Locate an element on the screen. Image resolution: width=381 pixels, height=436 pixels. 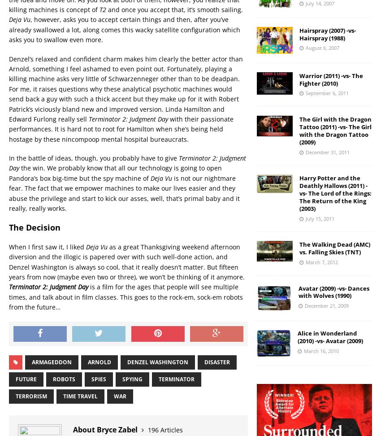
'Denzel’s relaxed and confident charm makes him clearly the better actor than Arnold, something I feel ashamed to even point out. Fortunately, playing a killing machine asks very little of Schwarzenneger other than to be deadpan. For me, it raises questions why these analytical psychotic machines would send back a guy with such a thick accent but they make up for it with Robert Patrick’s viciously bland new and improved version. Linda Hamilton and Edward Furlong really sell' is located at coordinates (8, 88).